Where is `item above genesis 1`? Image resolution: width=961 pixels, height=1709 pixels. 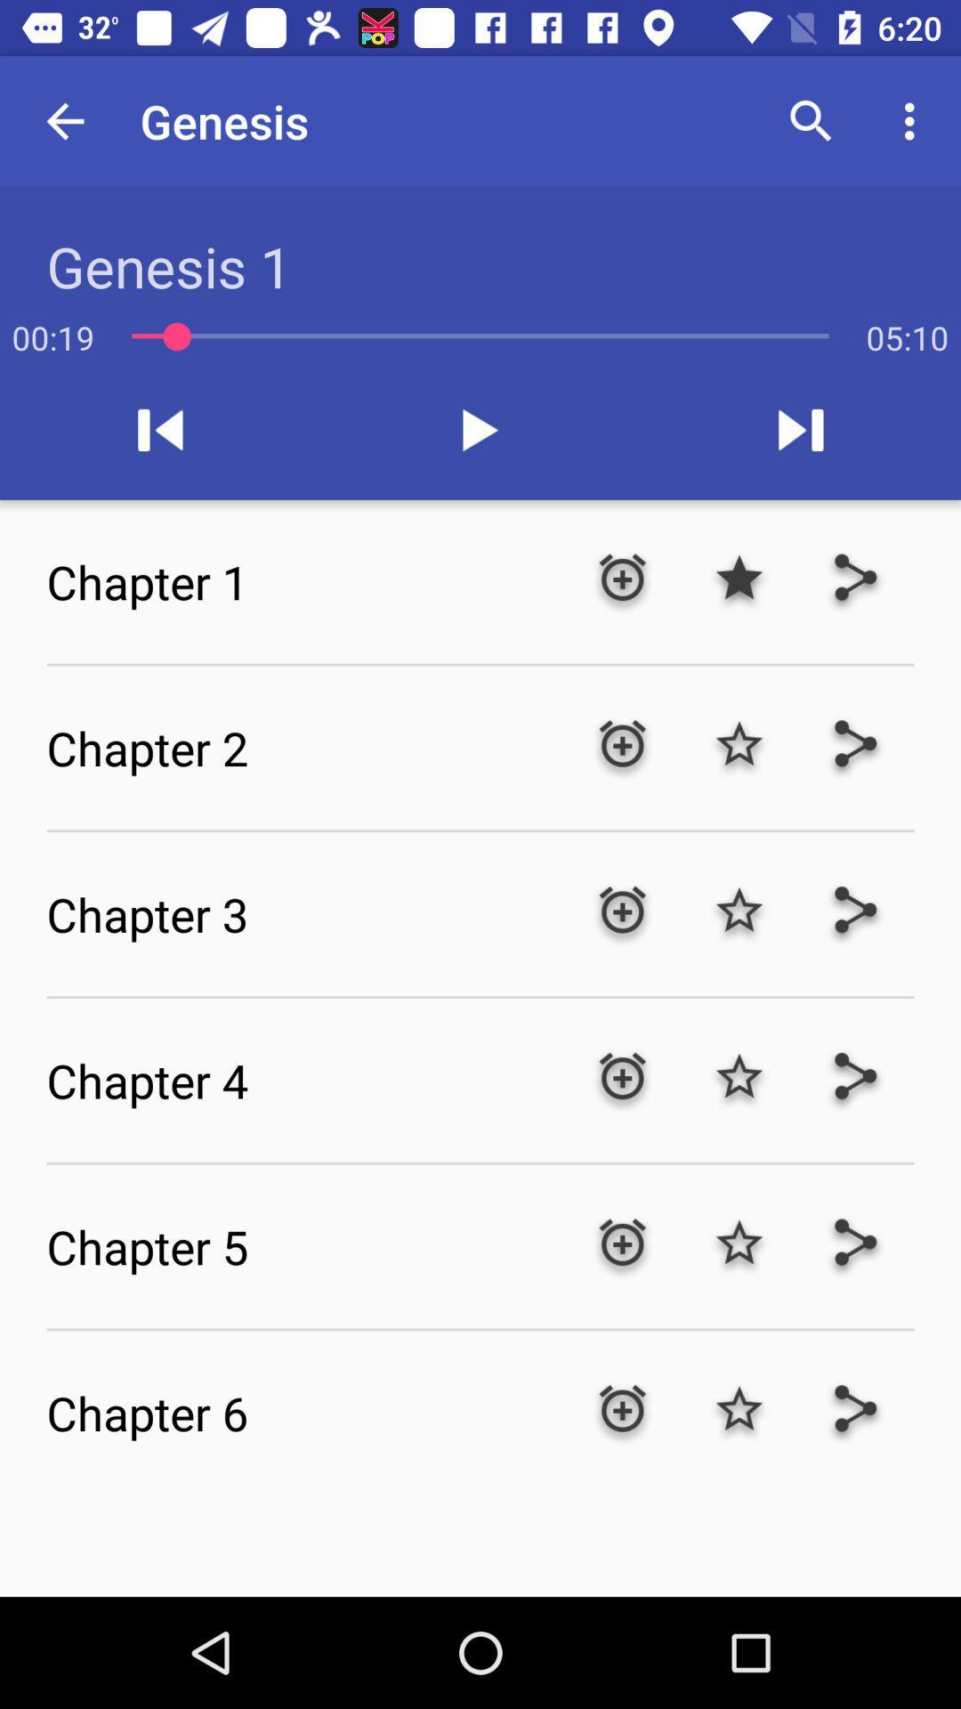 item above genesis 1 is located at coordinates (64, 120).